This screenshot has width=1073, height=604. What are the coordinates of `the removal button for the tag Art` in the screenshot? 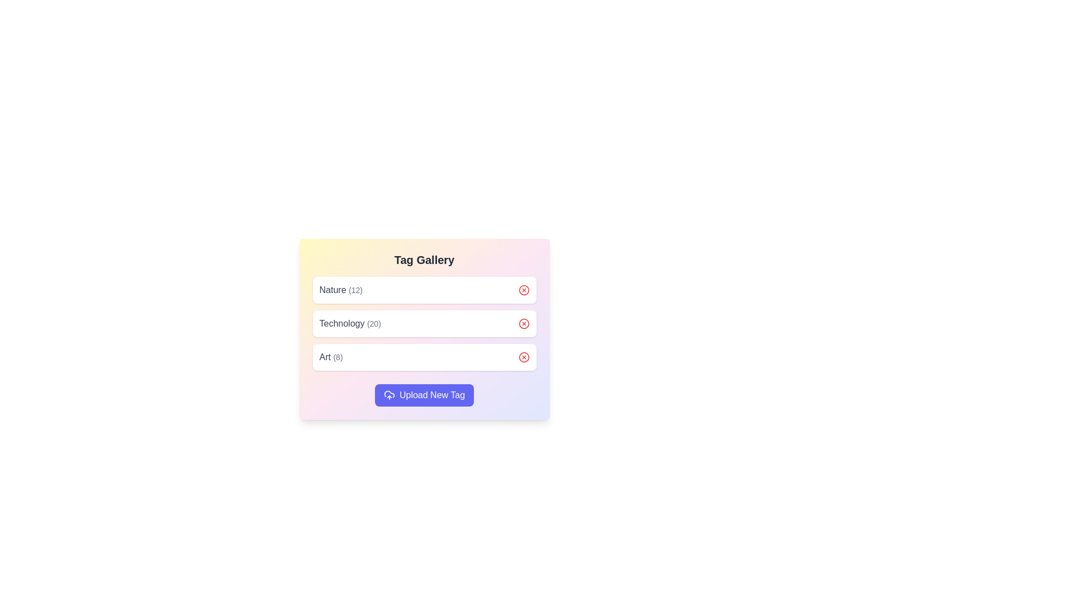 It's located at (523, 357).